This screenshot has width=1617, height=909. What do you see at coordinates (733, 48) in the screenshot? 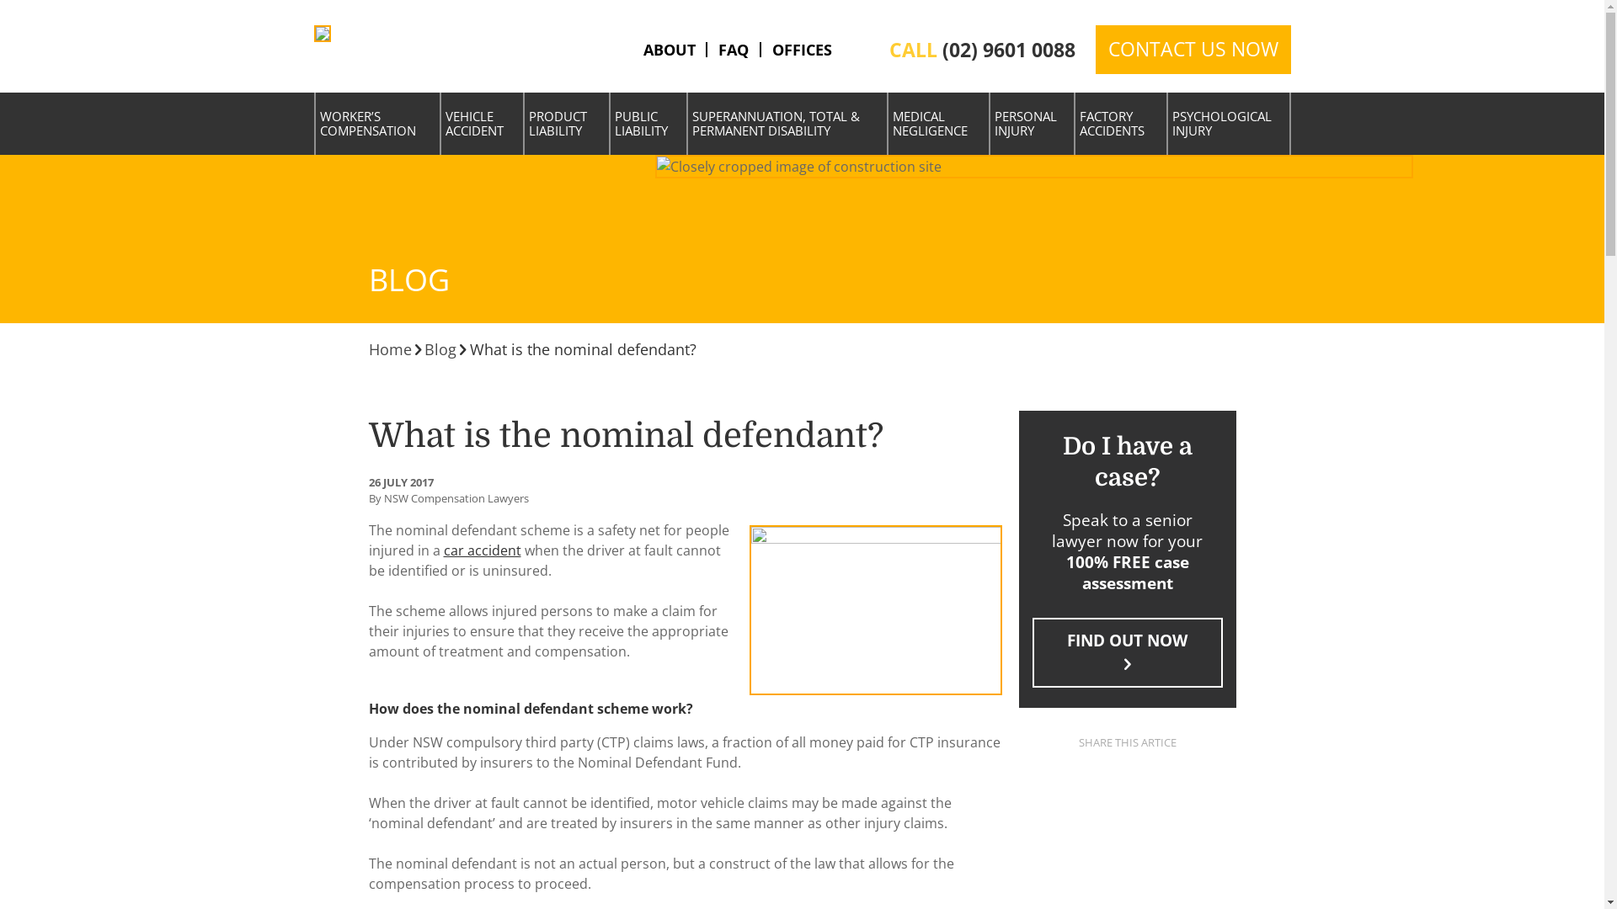
I see `'FAQ'` at bounding box center [733, 48].